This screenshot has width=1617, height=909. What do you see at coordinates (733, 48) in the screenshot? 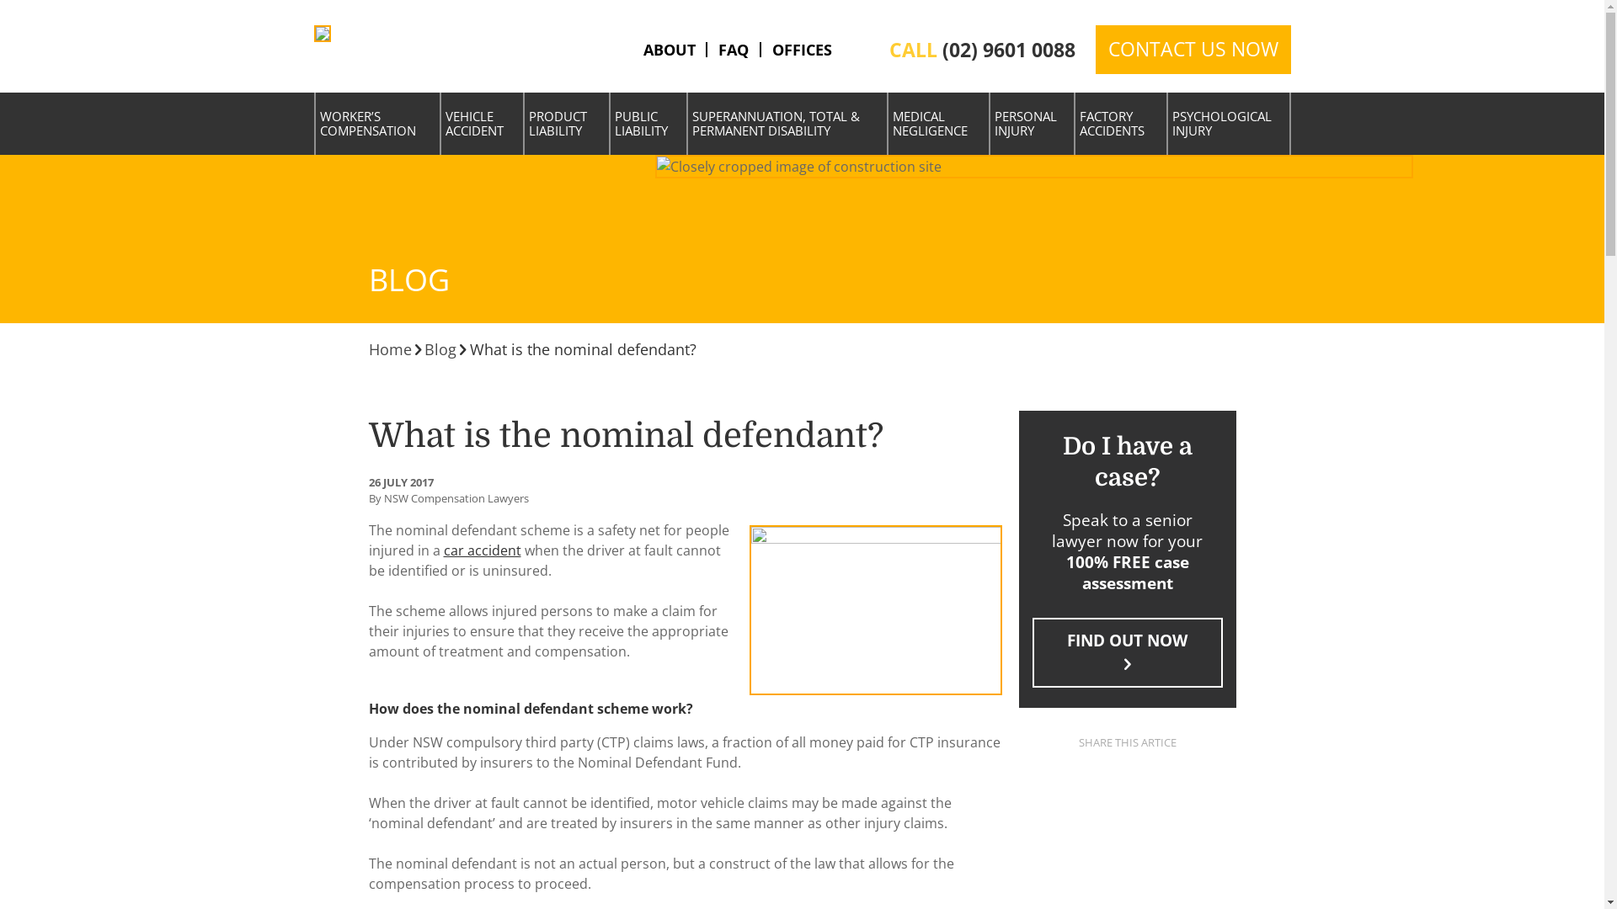
I see `'FAQ'` at bounding box center [733, 48].